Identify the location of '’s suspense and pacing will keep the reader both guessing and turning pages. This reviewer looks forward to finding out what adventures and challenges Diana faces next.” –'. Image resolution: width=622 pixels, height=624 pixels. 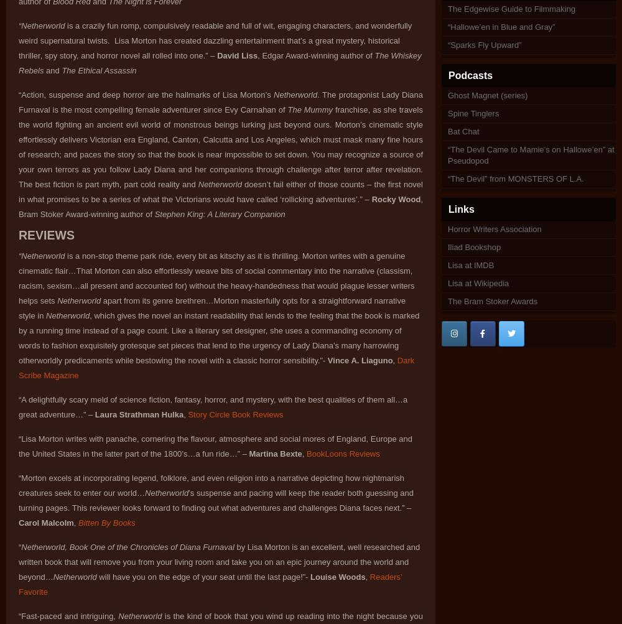
(215, 500).